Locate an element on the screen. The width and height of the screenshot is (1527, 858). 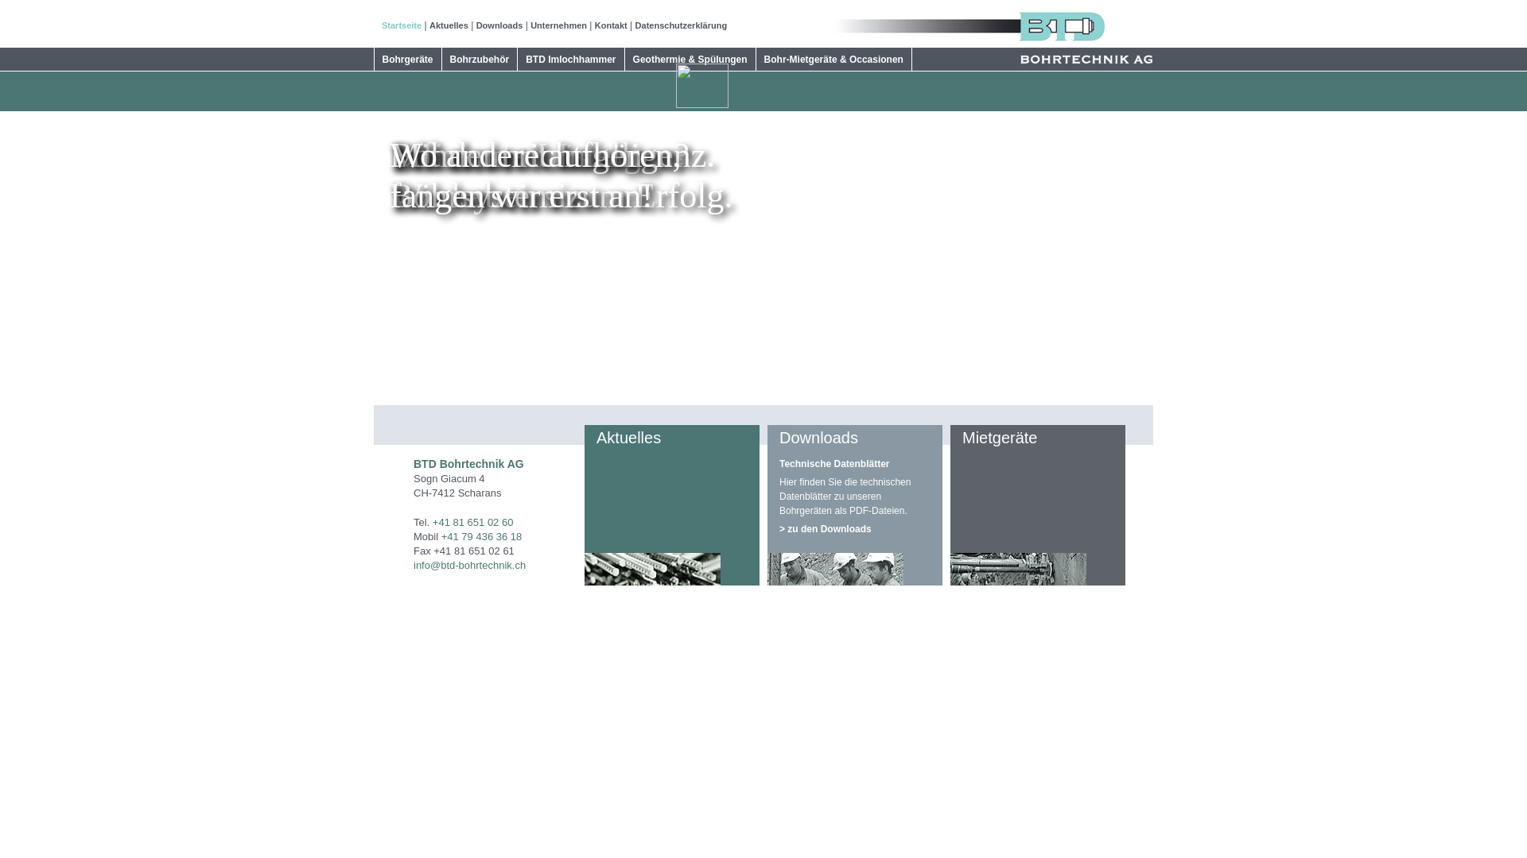
'info@btd-bohrtechnik.ch' is located at coordinates (413, 564).